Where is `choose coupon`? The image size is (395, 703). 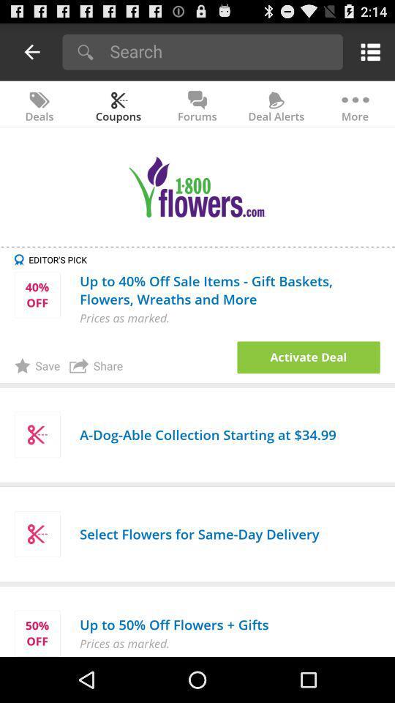
choose coupon is located at coordinates (308, 357).